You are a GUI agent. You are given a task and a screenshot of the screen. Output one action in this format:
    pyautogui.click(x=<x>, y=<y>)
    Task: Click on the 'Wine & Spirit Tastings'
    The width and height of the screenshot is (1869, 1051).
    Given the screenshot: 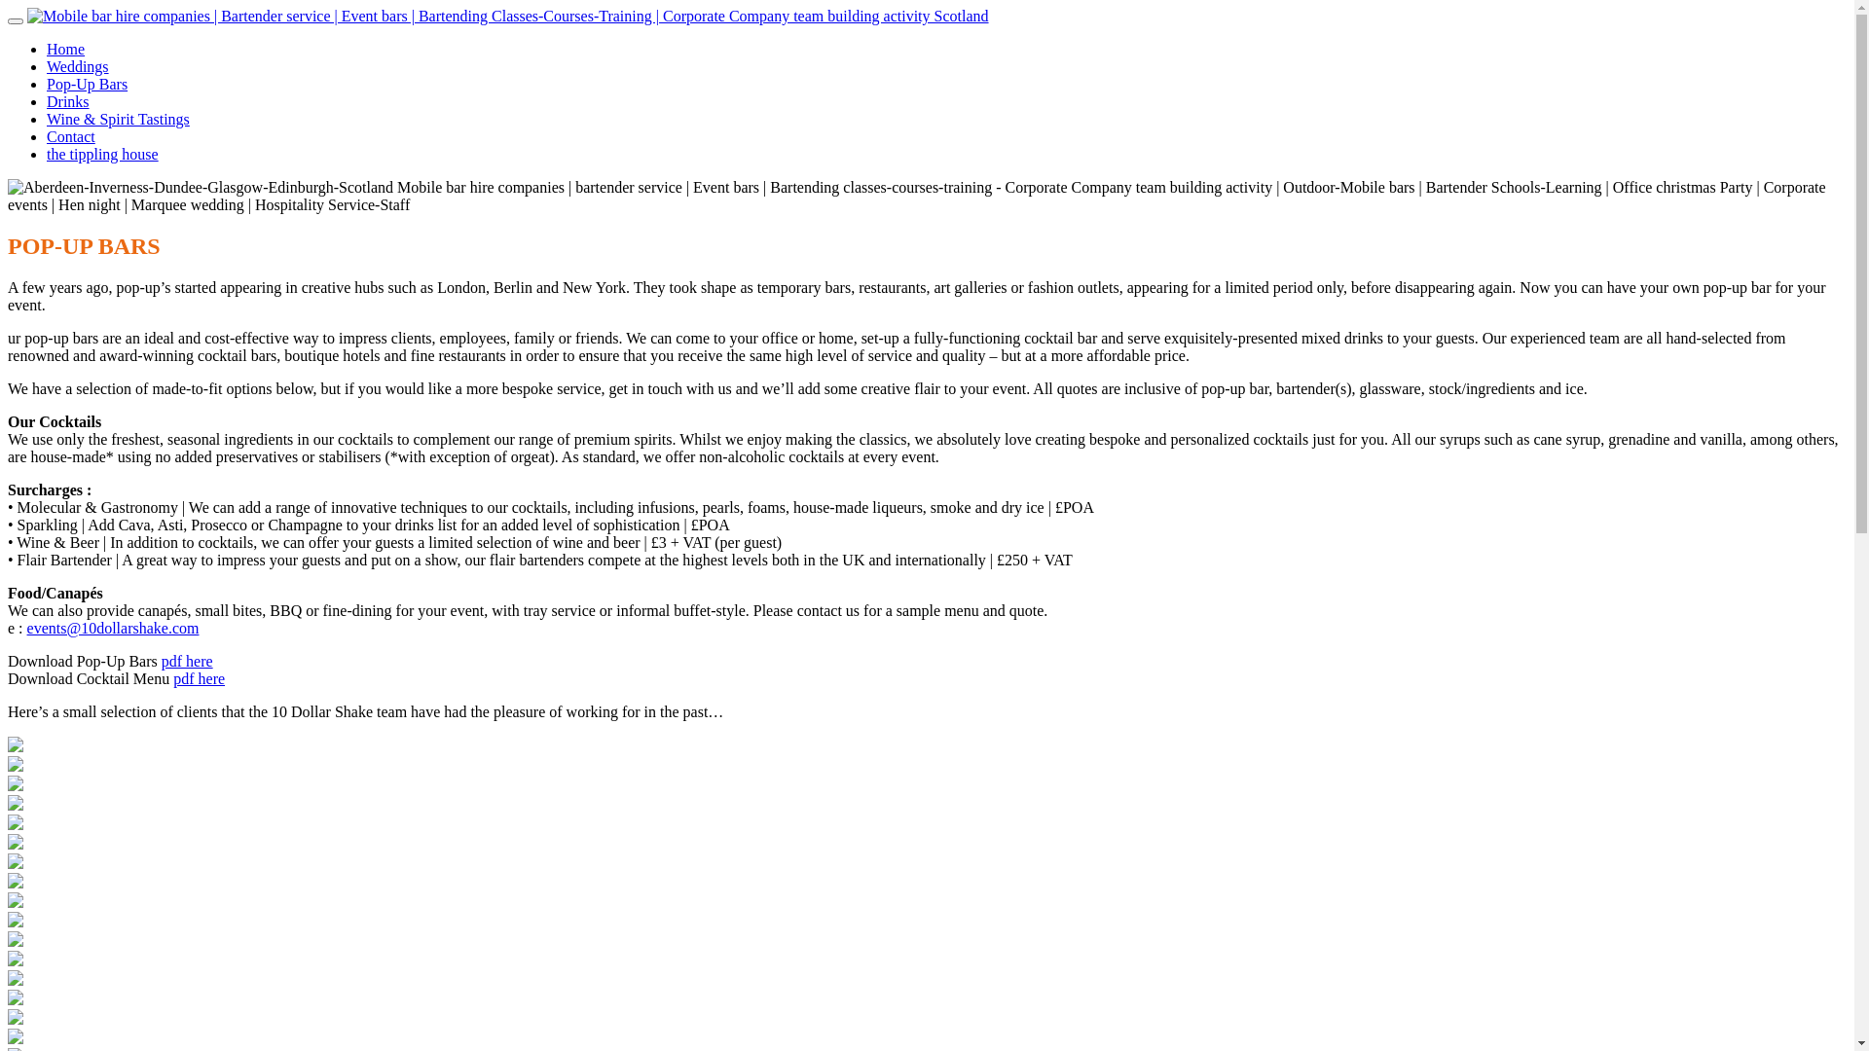 What is the action you would take?
    pyautogui.click(x=117, y=119)
    